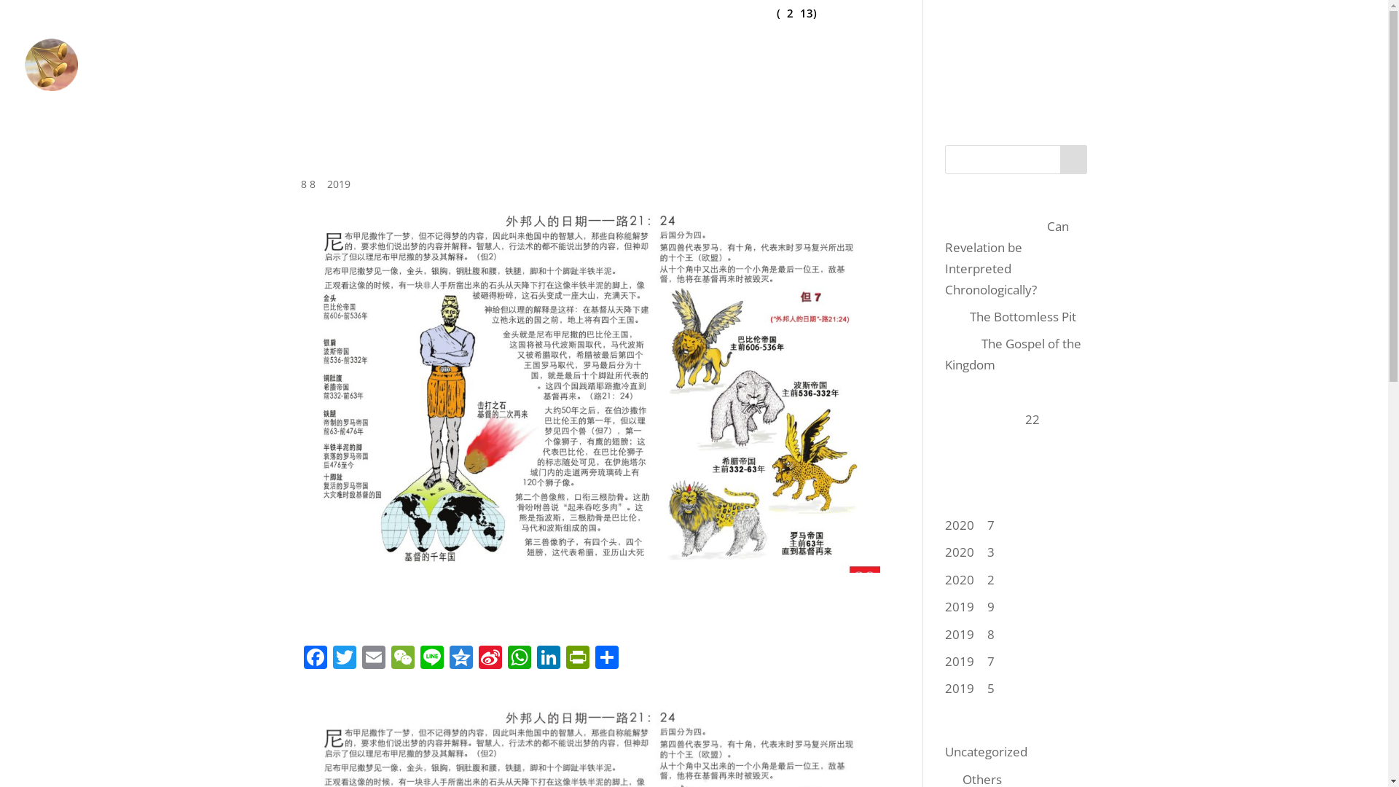  Describe the element at coordinates (314, 658) in the screenshot. I see `'Facebook'` at that location.